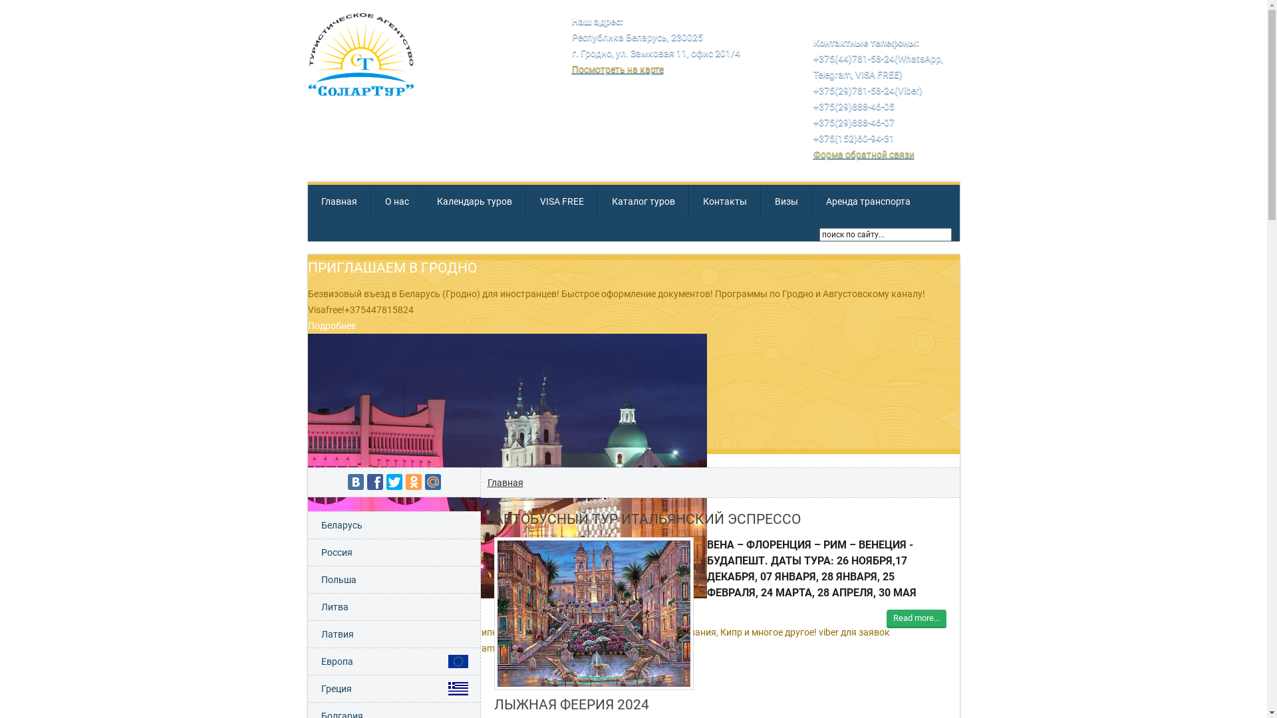 This screenshot has height=718, width=1277. What do you see at coordinates (561, 201) in the screenshot?
I see `'VISA FREE'` at bounding box center [561, 201].